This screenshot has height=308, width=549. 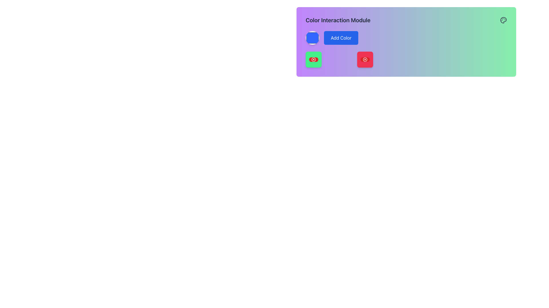 I want to click on the circular blue button in the 'Color Interaction Module' section to interact with the color, so click(x=312, y=38).